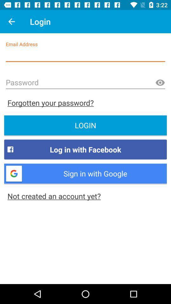 The height and width of the screenshot is (304, 171). I want to click on the version, so click(160, 82).